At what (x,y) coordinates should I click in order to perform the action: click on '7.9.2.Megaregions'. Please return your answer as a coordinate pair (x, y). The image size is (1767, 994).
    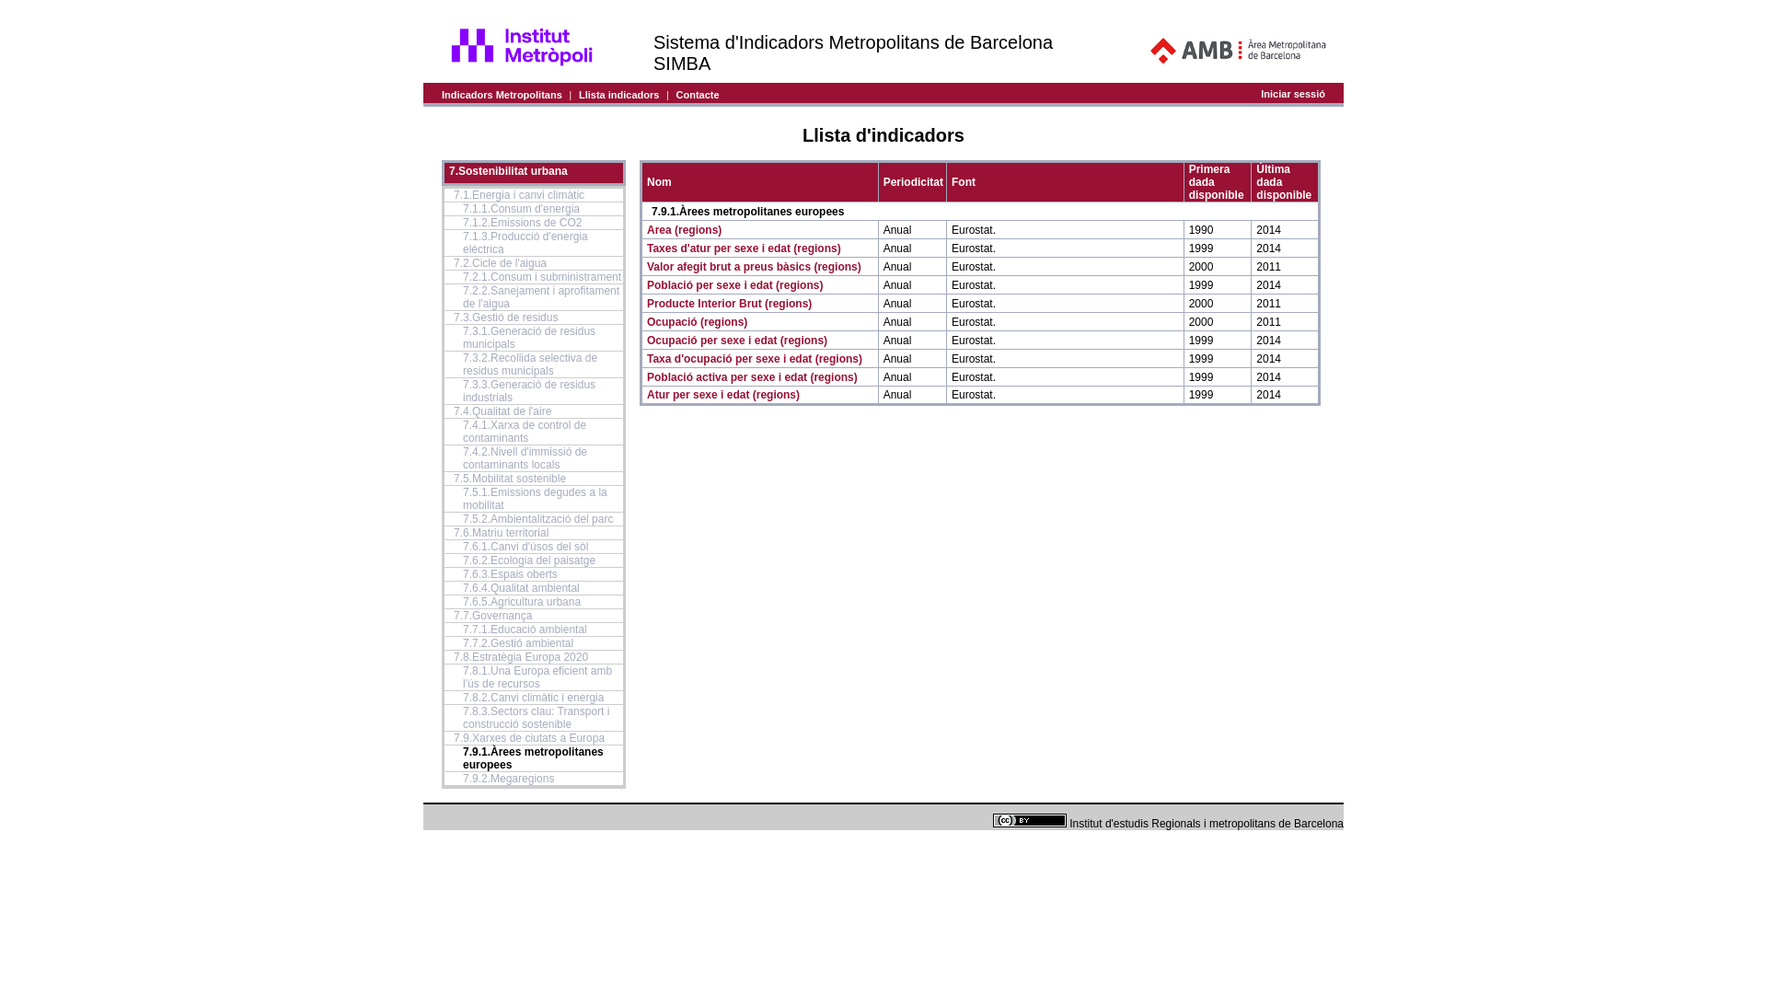
    Looking at the image, I should click on (508, 778).